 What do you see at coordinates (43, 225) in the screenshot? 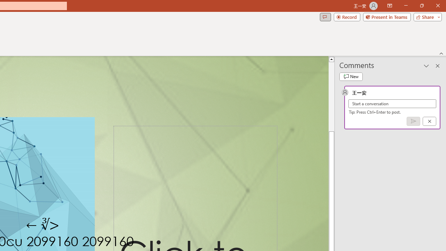
I see `'TextBox 7'` at bounding box center [43, 225].